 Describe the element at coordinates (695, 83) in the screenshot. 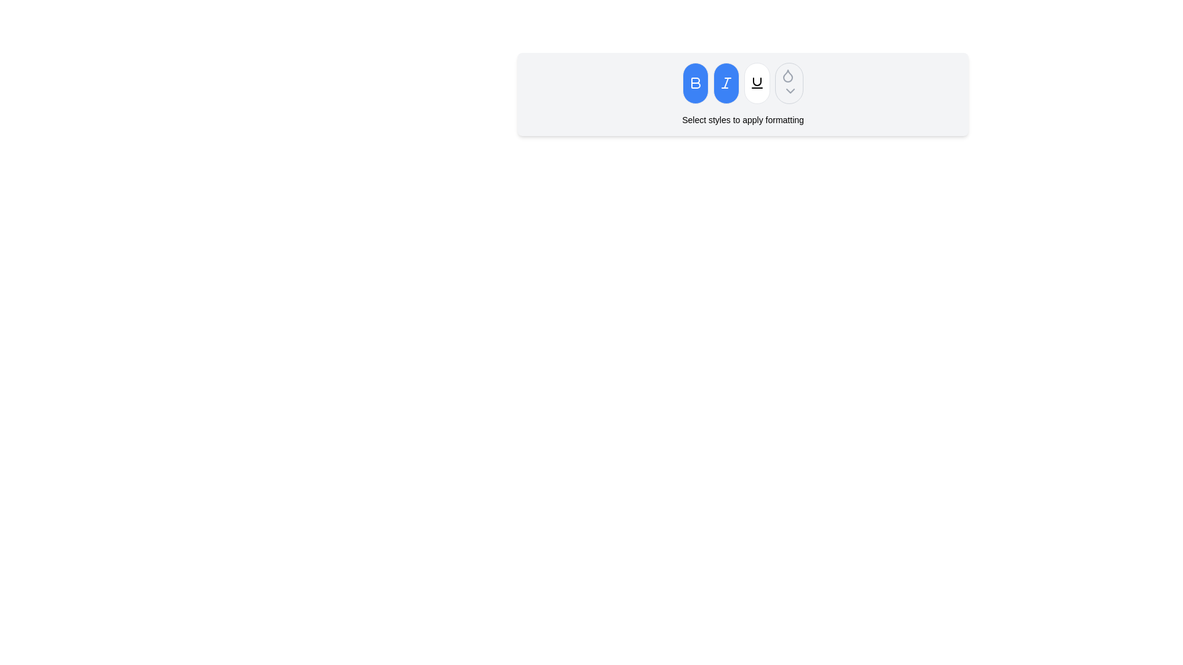

I see `the circular blue button with a white 'B' icon that represents the bold formatting action` at that location.